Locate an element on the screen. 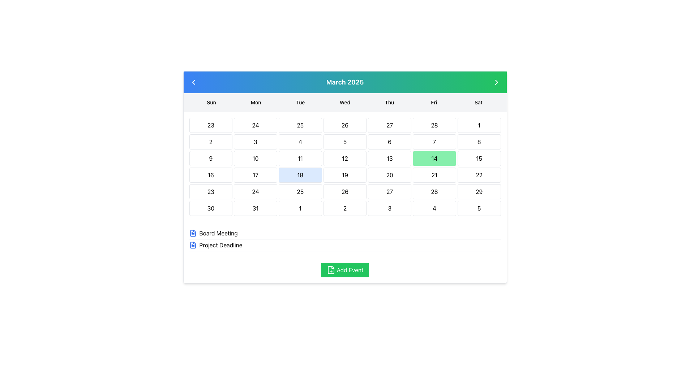 This screenshot has width=694, height=390. the button displaying the number '5' in the calendar grid for March 2025, located under the 'Sat' column is located at coordinates (479, 208).